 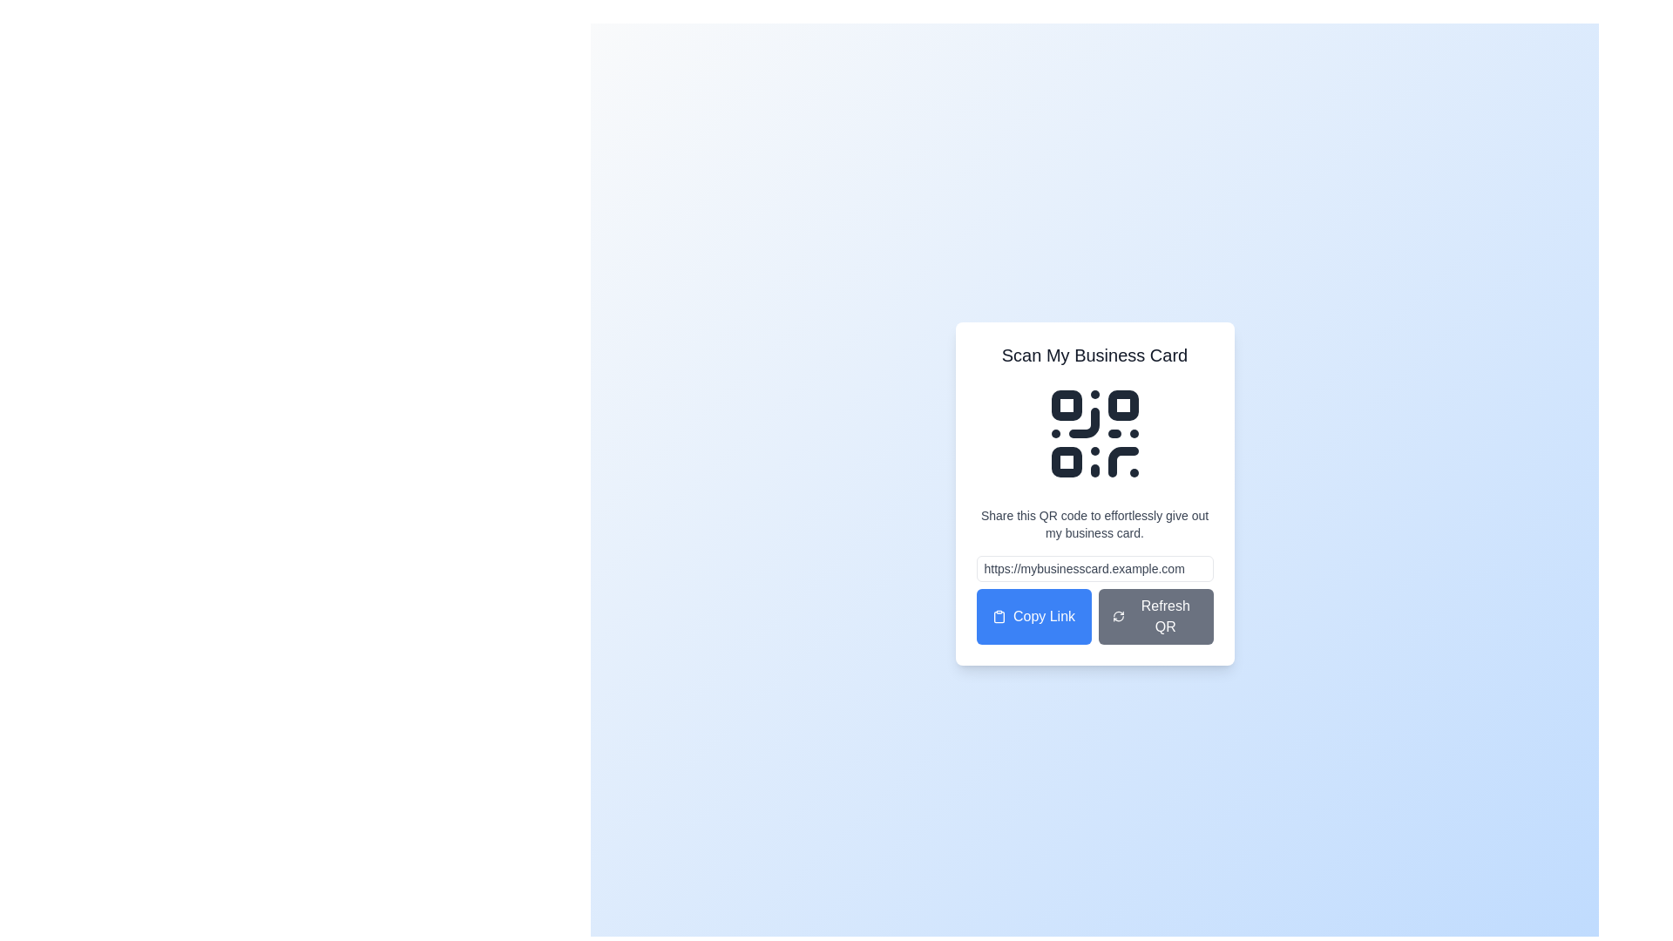 I want to click on the QR code graphic displayed prominently in the card layout, located centrally below the title 'Scan My Business Card' and above the description 'Share this QR code to effortlessly give out my business card.', so click(x=1094, y=432).